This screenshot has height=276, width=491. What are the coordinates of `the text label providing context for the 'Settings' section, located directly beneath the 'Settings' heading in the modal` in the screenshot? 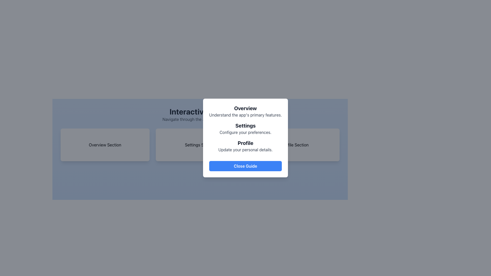 It's located at (245, 132).